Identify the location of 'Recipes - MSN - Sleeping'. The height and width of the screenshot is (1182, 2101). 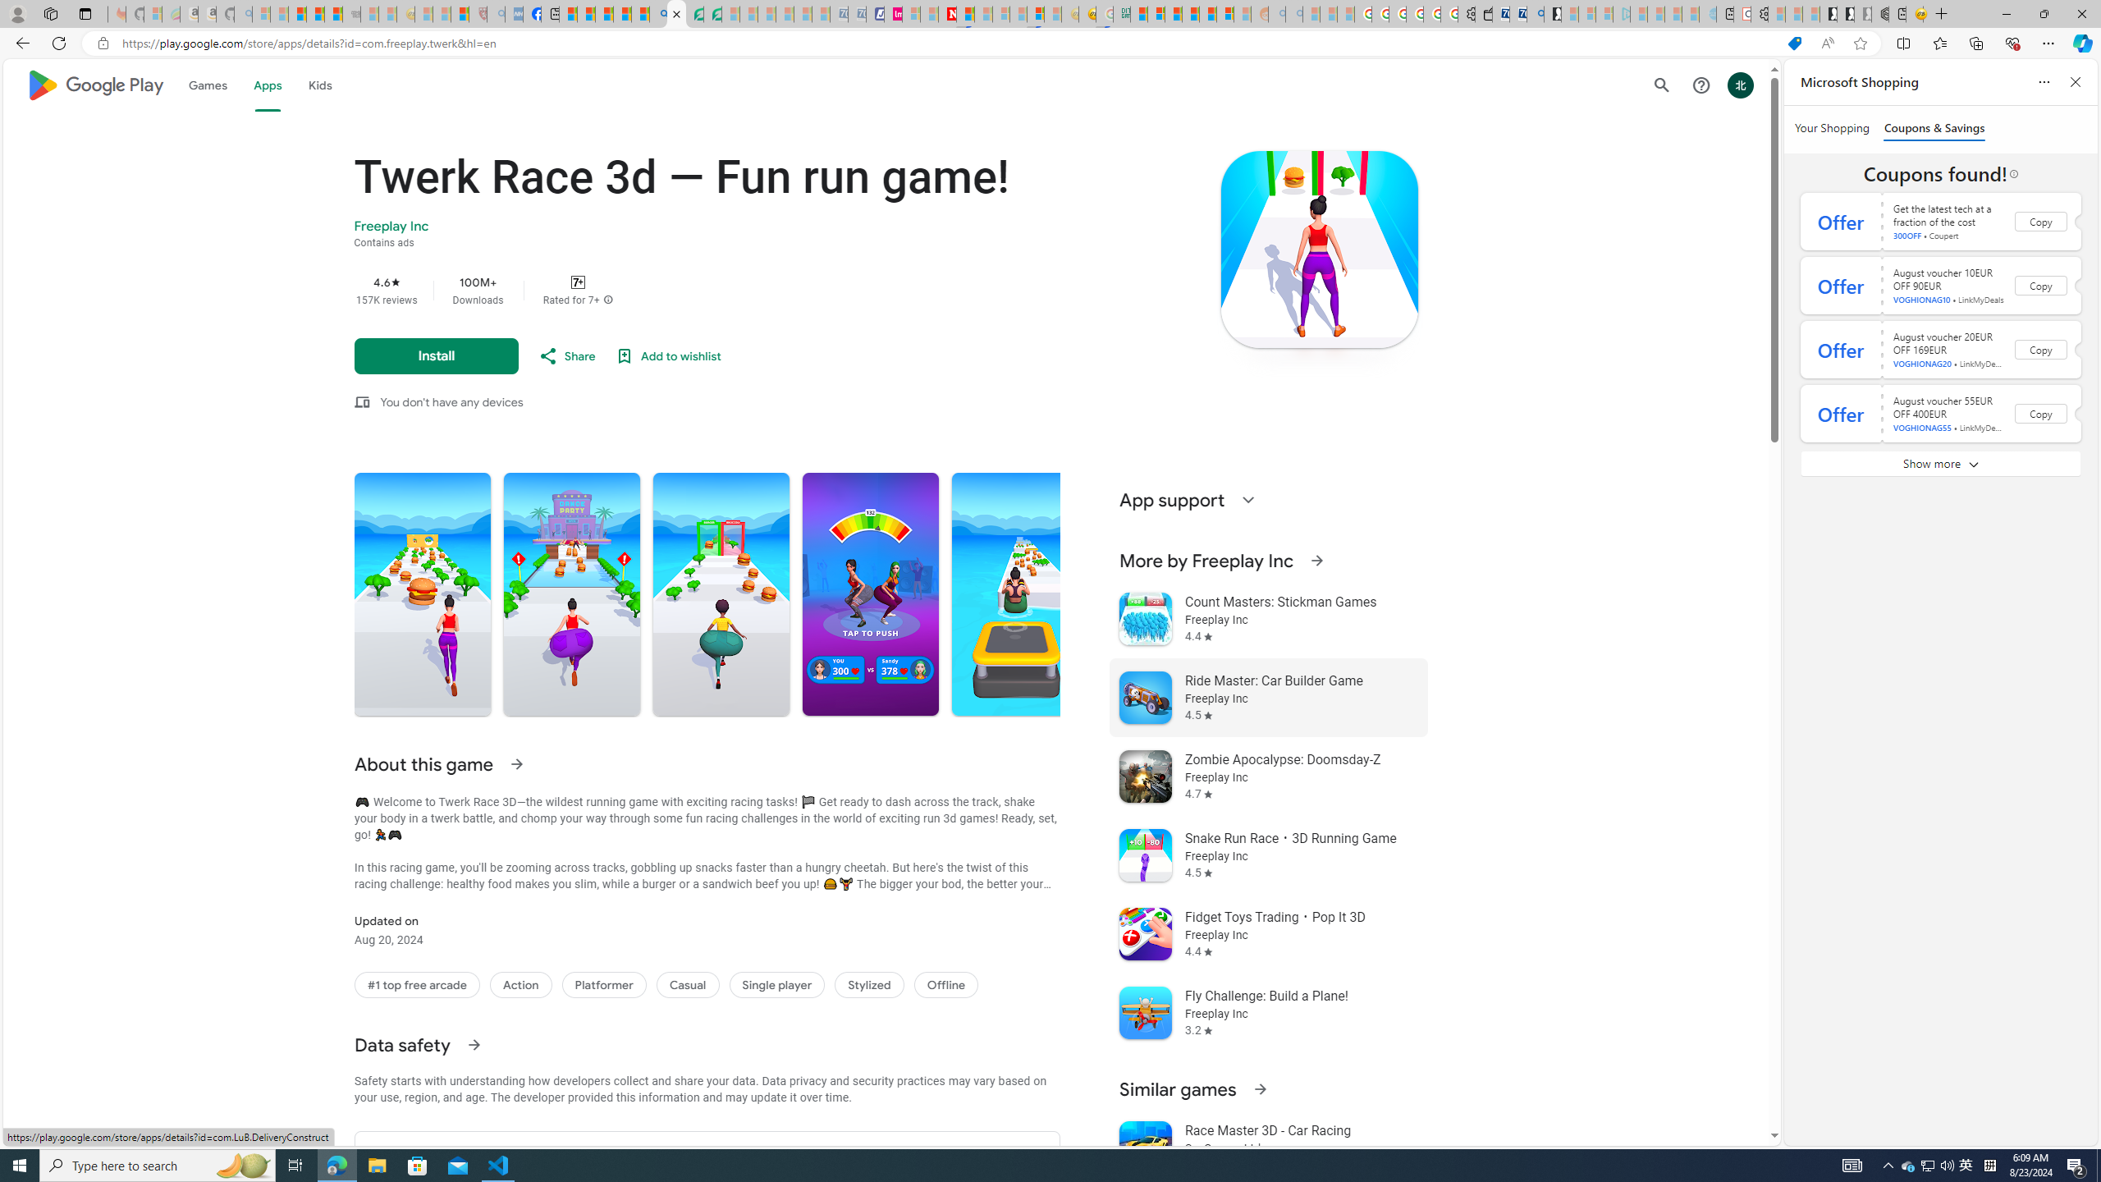
(422, 13).